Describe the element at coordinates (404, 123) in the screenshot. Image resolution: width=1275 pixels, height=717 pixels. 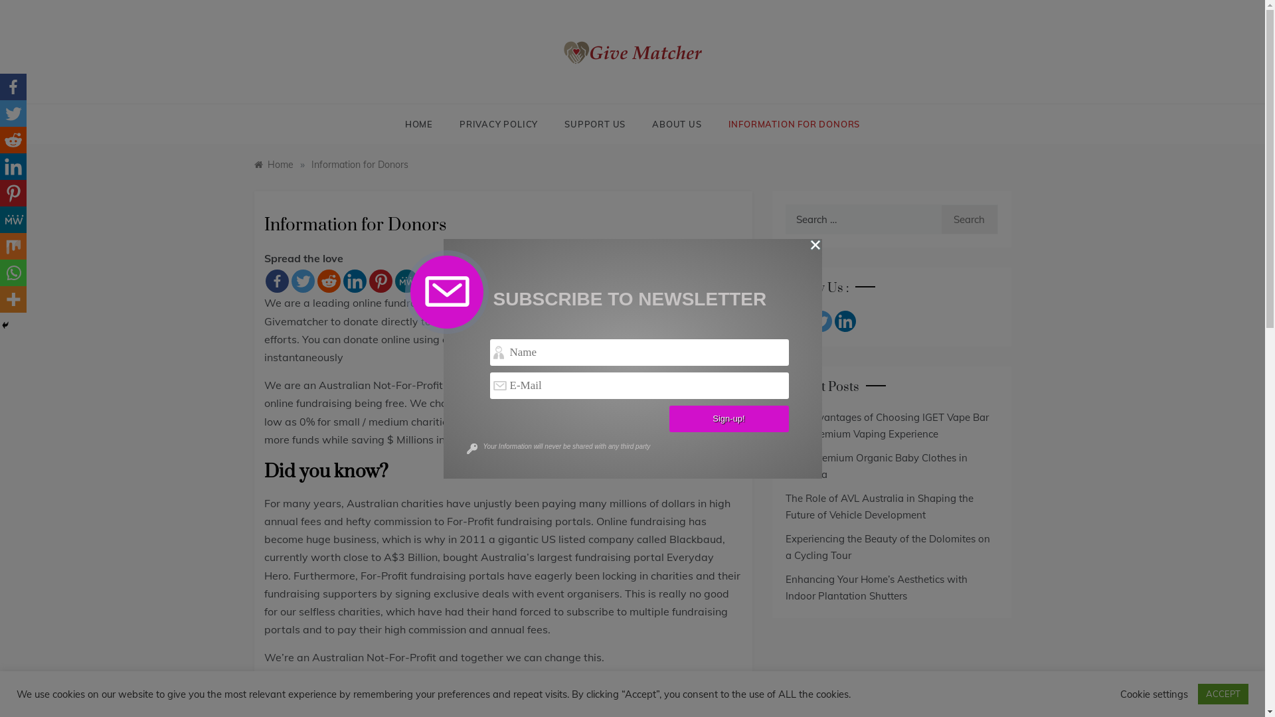
I see `'HOME'` at that location.